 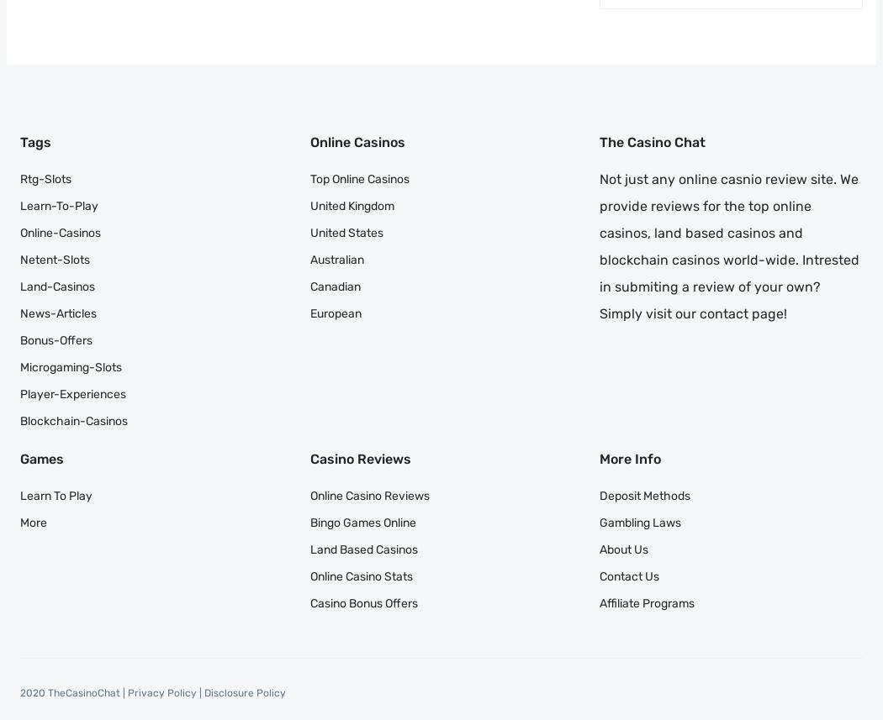 What do you see at coordinates (20, 312) in the screenshot?
I see `'news-articles'` at bounding box center [20, 312].